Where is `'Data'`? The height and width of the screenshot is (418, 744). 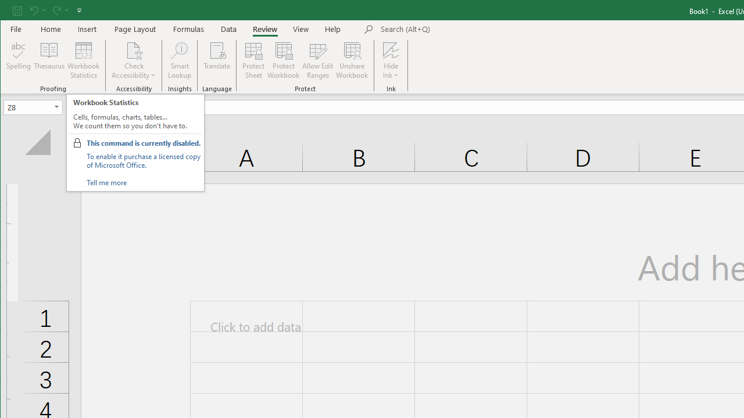
'Data' is located at coordinates (229, 28).